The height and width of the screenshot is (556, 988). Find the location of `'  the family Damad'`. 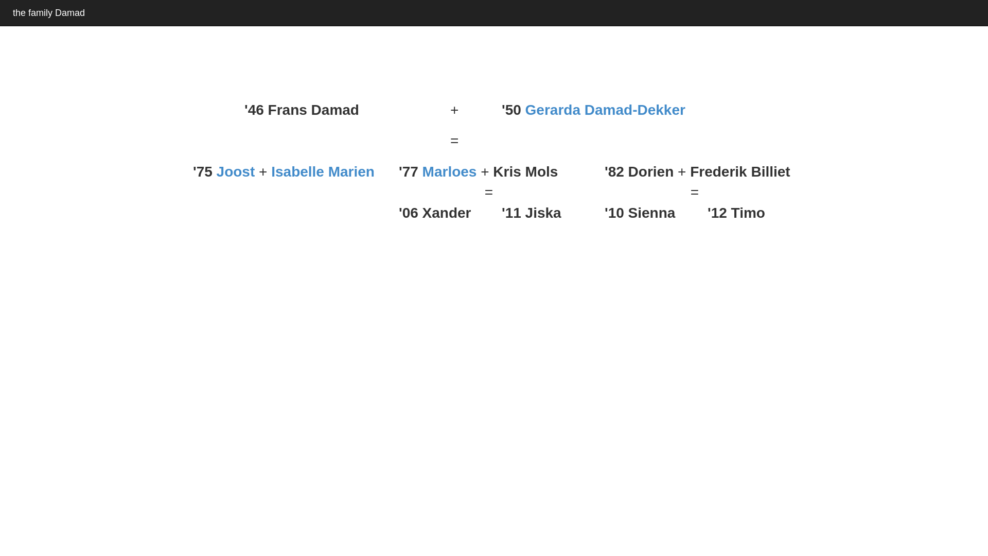

'  the family Damad' is located at coordinates (46, 12).